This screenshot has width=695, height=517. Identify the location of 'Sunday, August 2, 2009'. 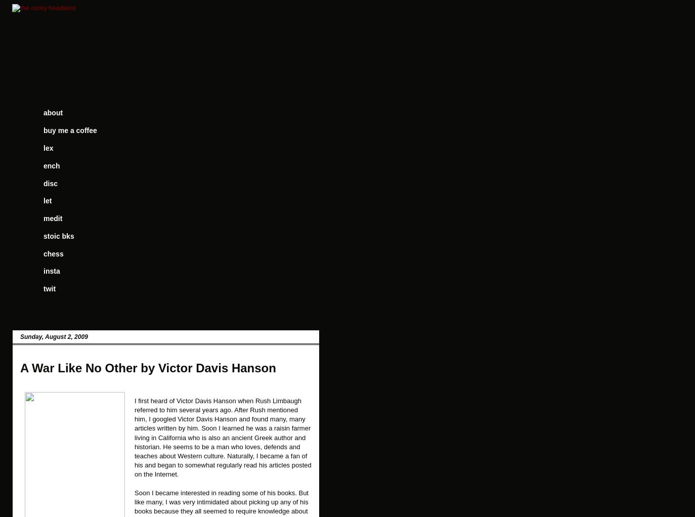
(19, 336).